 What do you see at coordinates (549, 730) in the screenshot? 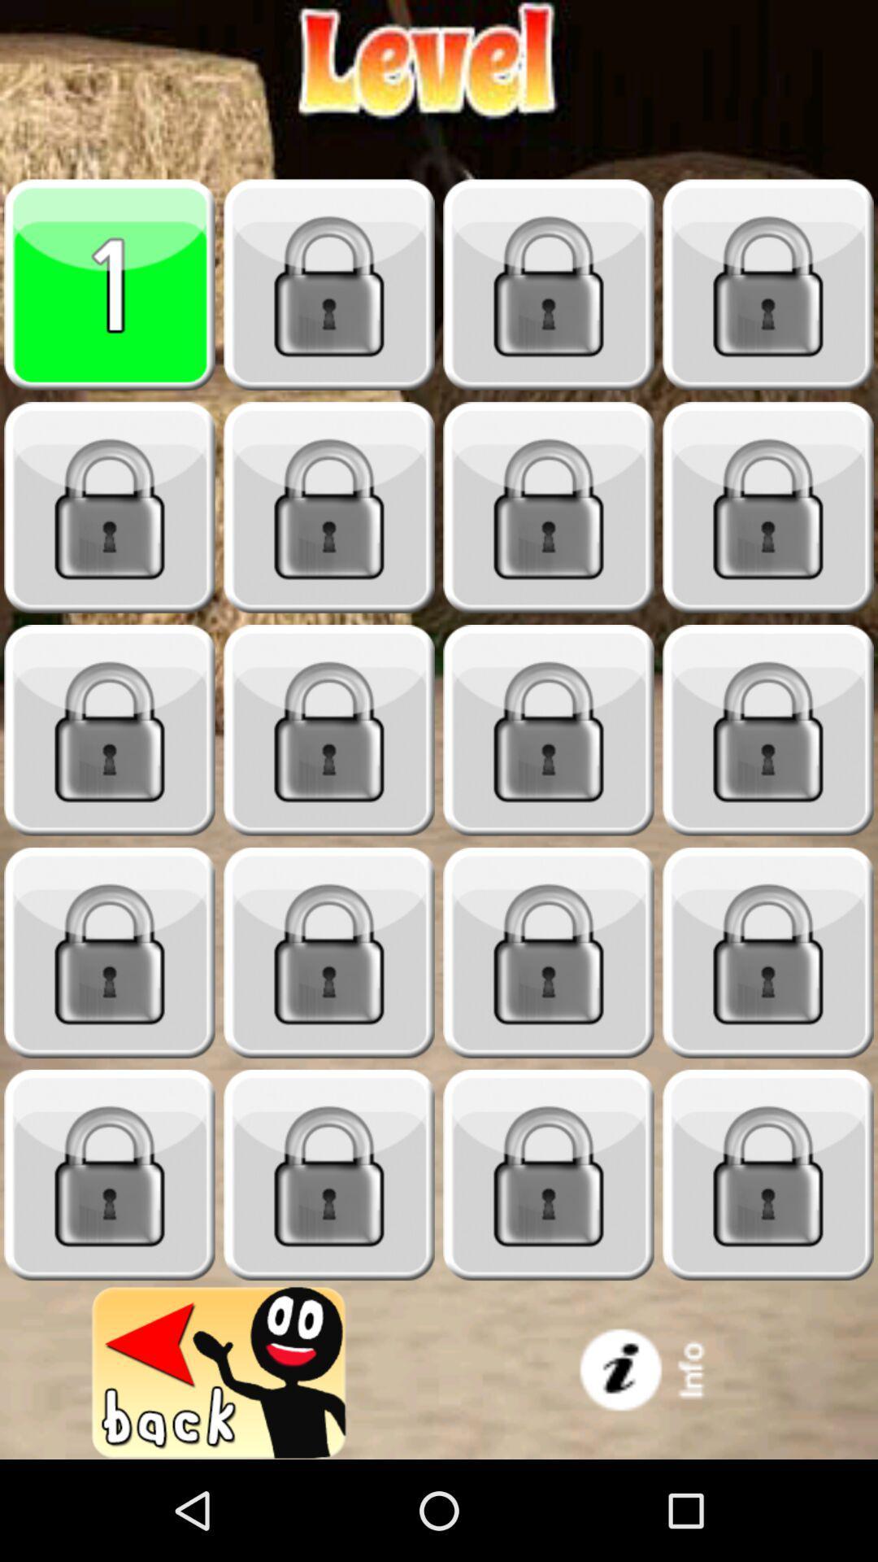
I see `lock 11` at bounding box center [549, 730].